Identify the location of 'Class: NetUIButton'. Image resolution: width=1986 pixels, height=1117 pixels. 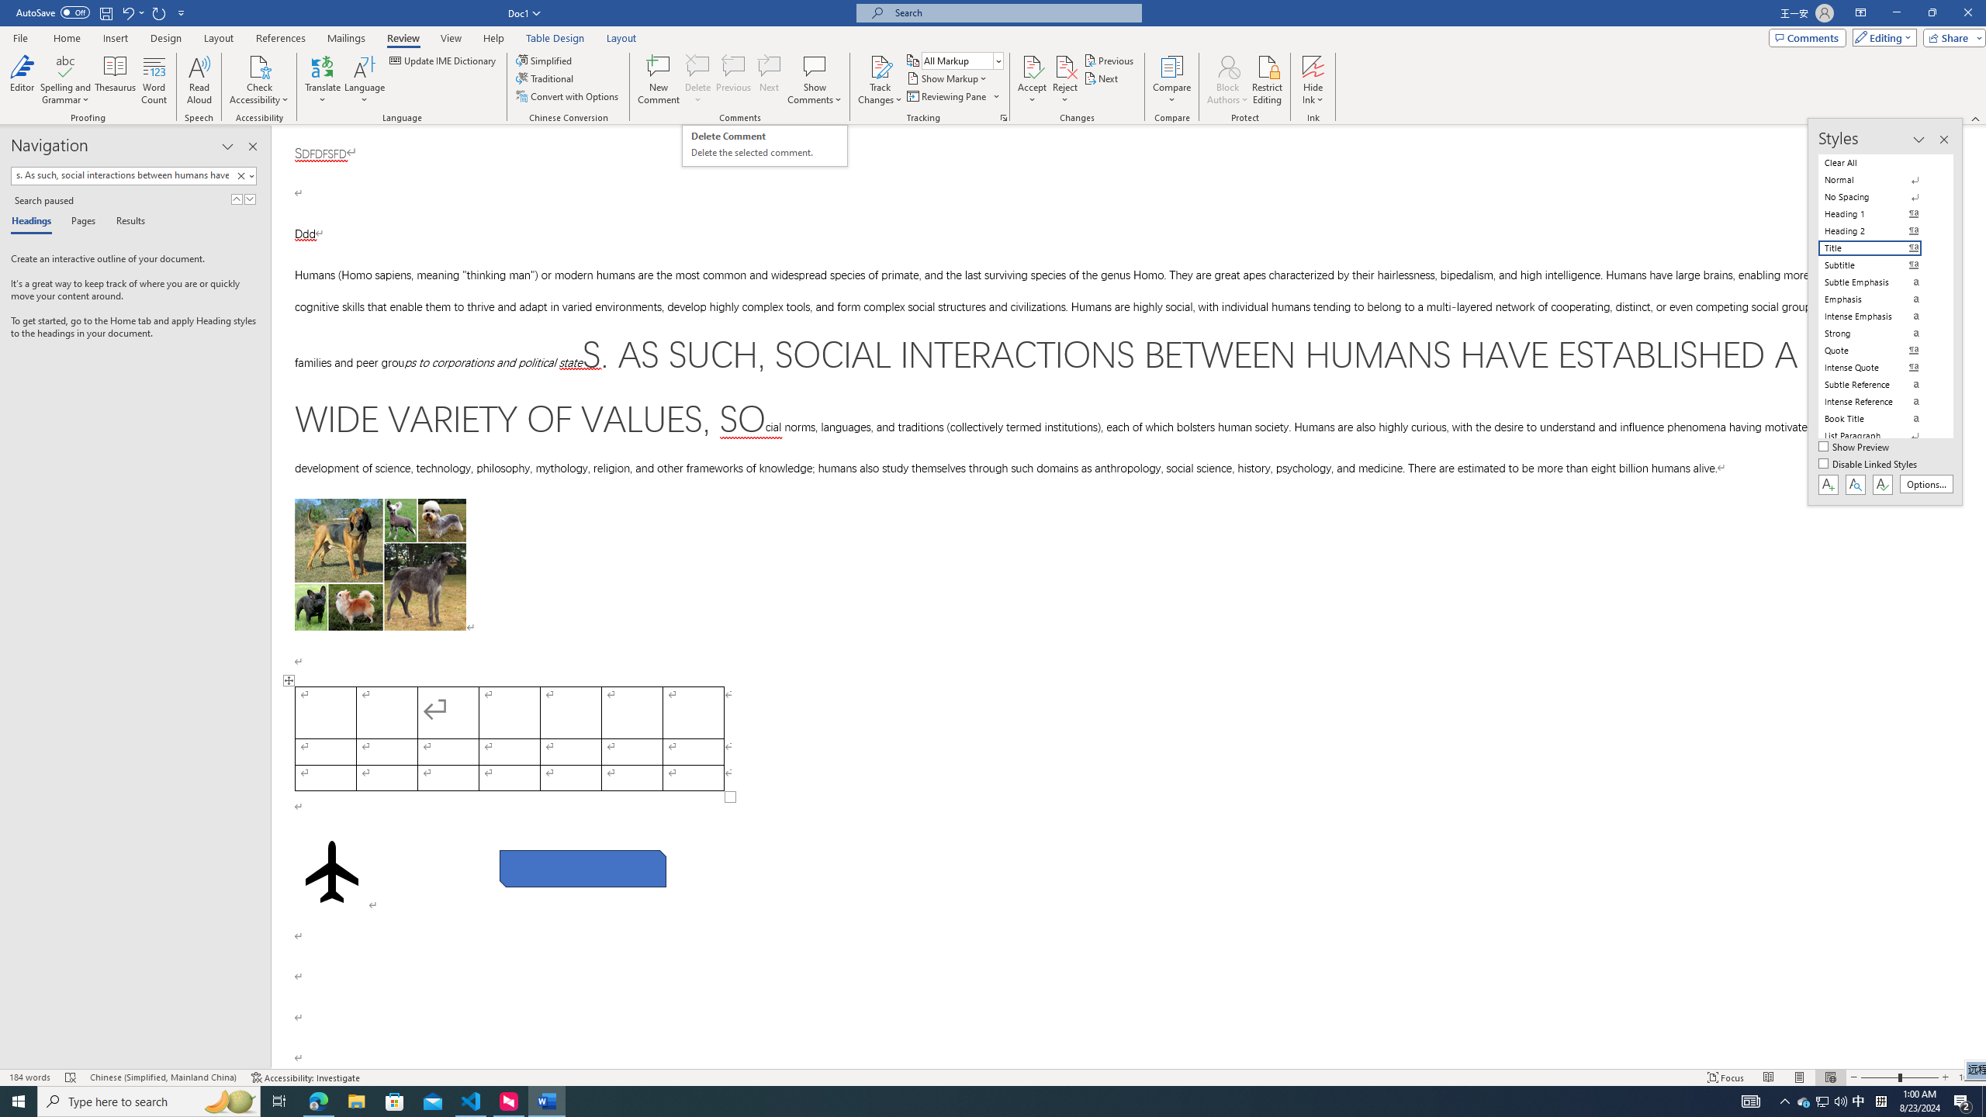
(1881, 484).